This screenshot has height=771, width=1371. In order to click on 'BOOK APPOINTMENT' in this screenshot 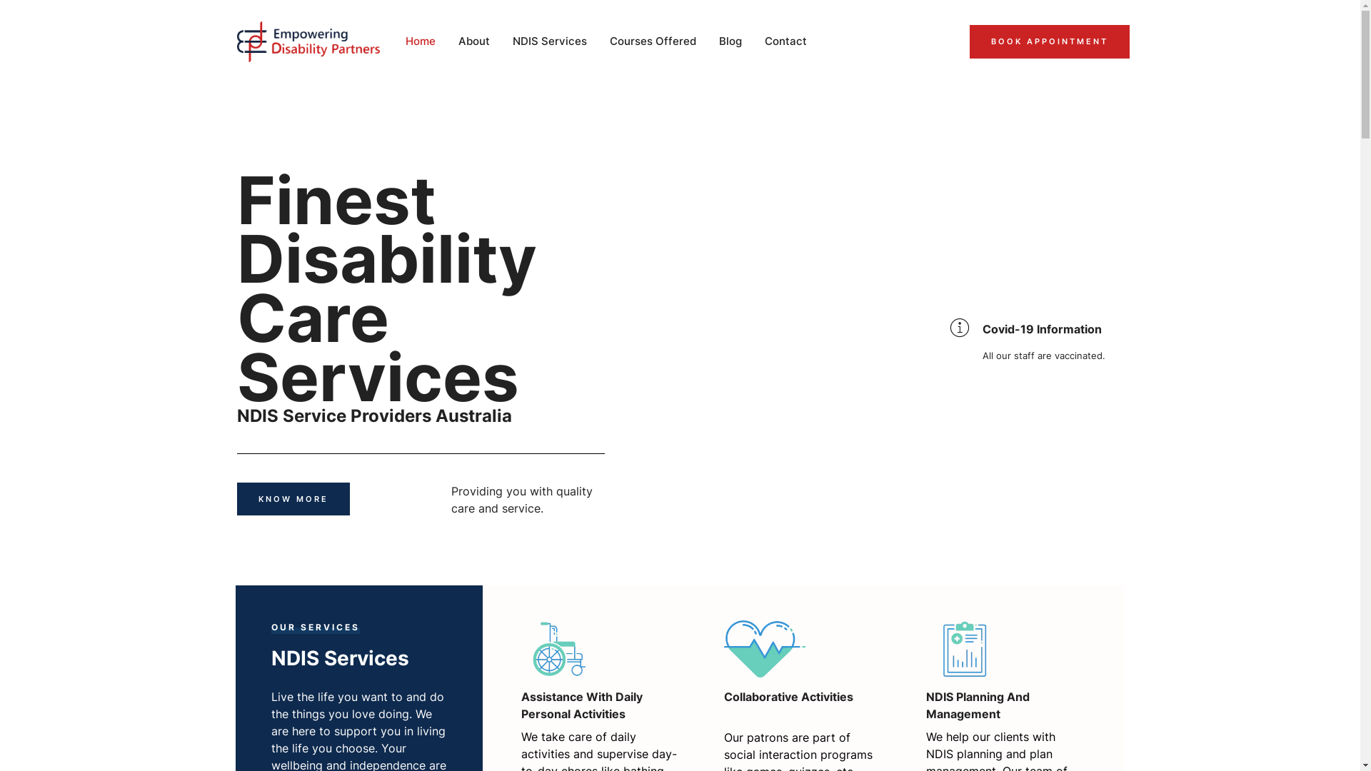, I will do `click(1049, 41)`.